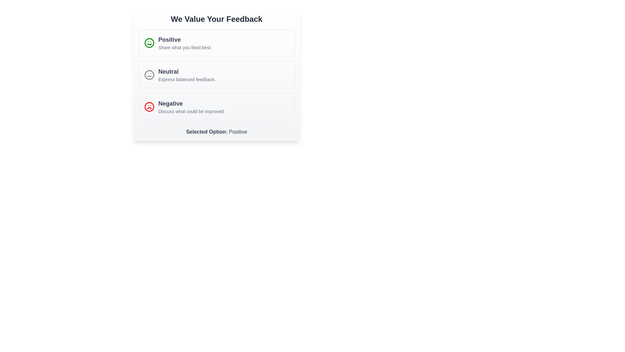 The image size is (625, 352). What do you see at coordinates (149, 106) in the screenshot?
I see `the circular element within the red outlined frowning face icon` at bounding box center [149, 106].